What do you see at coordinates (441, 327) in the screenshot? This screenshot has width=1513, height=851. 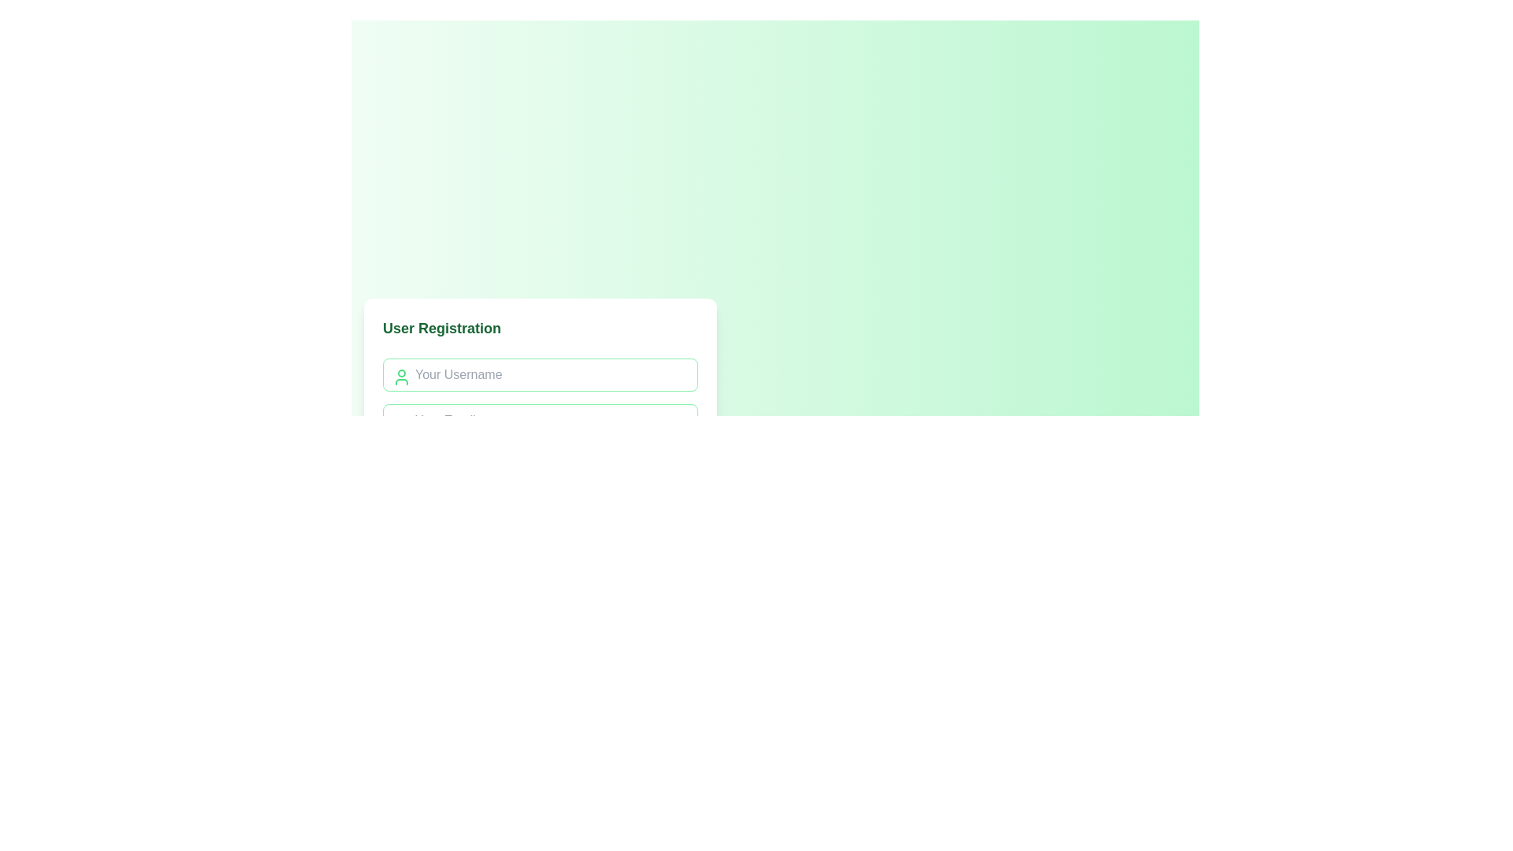 I see `the 'User Registration' text label, which is styled in a larger, bold green font and positioned at the top of a form section` at bounding box center [441, 327].